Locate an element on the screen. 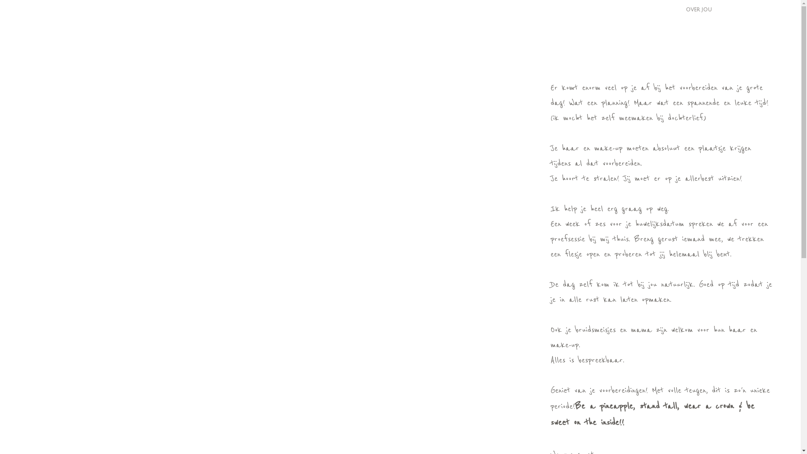 This screenshot has height=454, width=807. 'GALERIJ' is located at coordinates (651, 10).